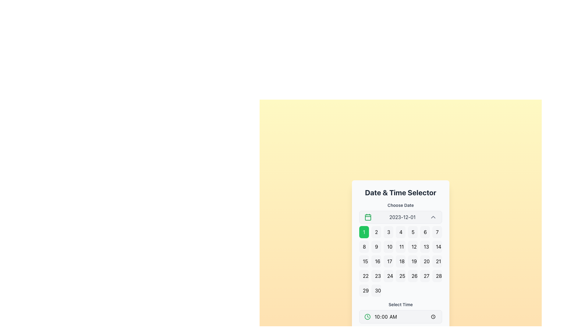 The image size is (585, 329). Describe the element at coordinates (401, 205) in the screenshot. I see `the 'Choose Date' text label, which is prominently displayed at the top of the date and time selection interface, styled in bold with a muted color` at that location.